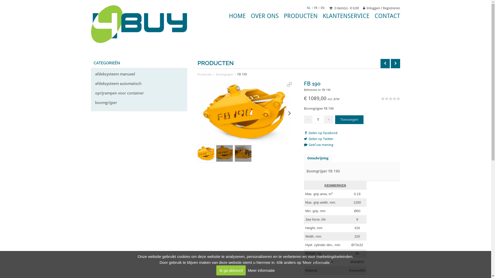 This screenshot has width=495, height=278. I want to click on 'afdeksysteem manueel', so click(115, 75).